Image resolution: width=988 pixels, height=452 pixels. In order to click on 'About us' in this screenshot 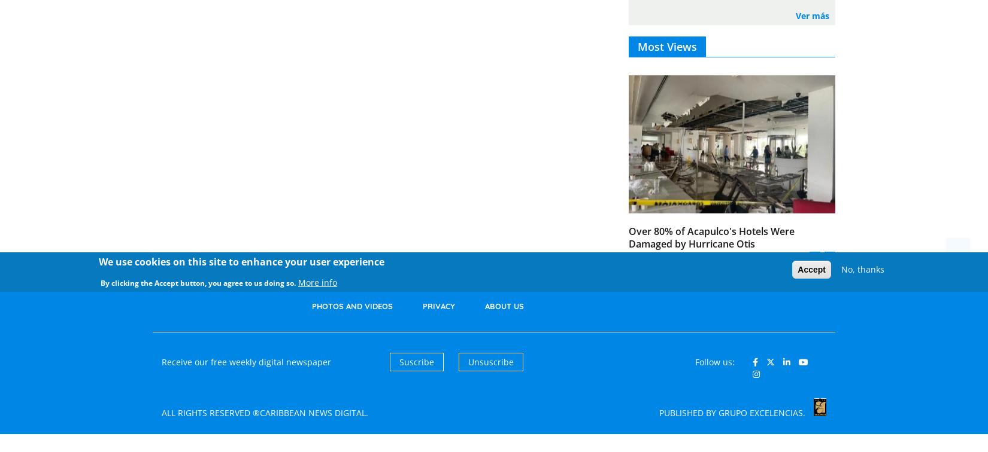, I will do `click(504, 306)`.